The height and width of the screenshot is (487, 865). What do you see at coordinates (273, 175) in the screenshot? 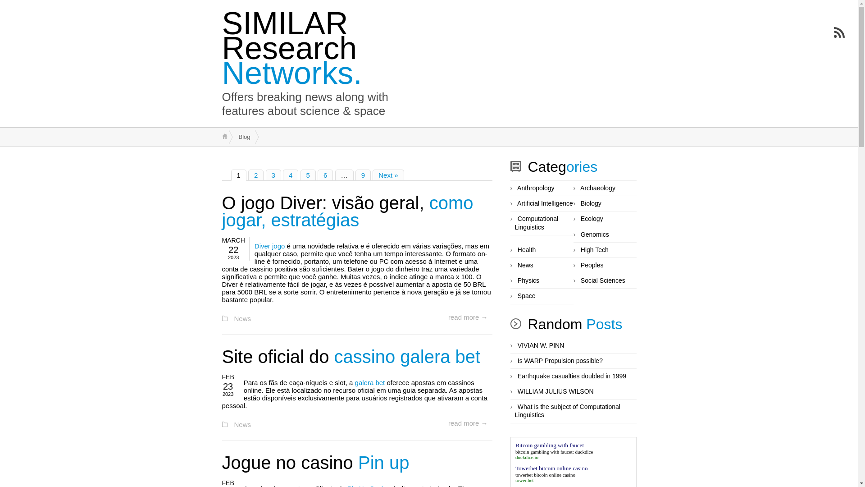
I see `'3'` at bounding box center [273, 175].